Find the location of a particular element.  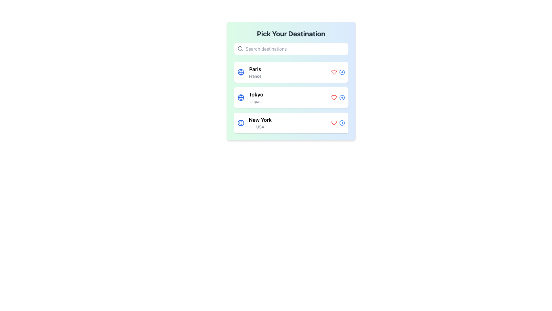

the text label displaying 'France', which is styled in gray and is smaller than the sibling text 'Paris', located in a vertically arranged list of destinations is located at coordinates (255, 76).